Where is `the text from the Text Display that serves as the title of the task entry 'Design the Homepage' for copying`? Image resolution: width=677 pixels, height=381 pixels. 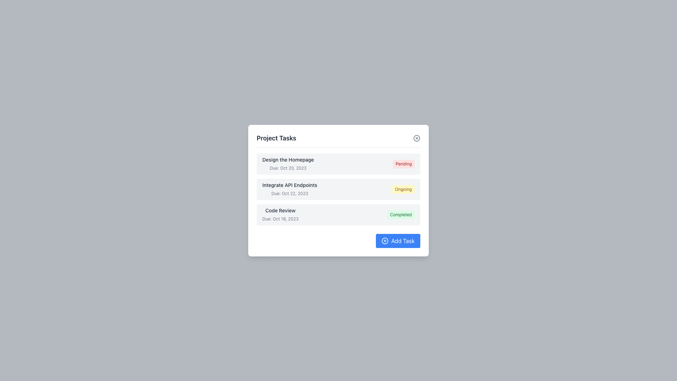 the text from the Text Display that serves as the title of the task entry 'Design the Homepage' for copying is located at coordinates (288, 159).